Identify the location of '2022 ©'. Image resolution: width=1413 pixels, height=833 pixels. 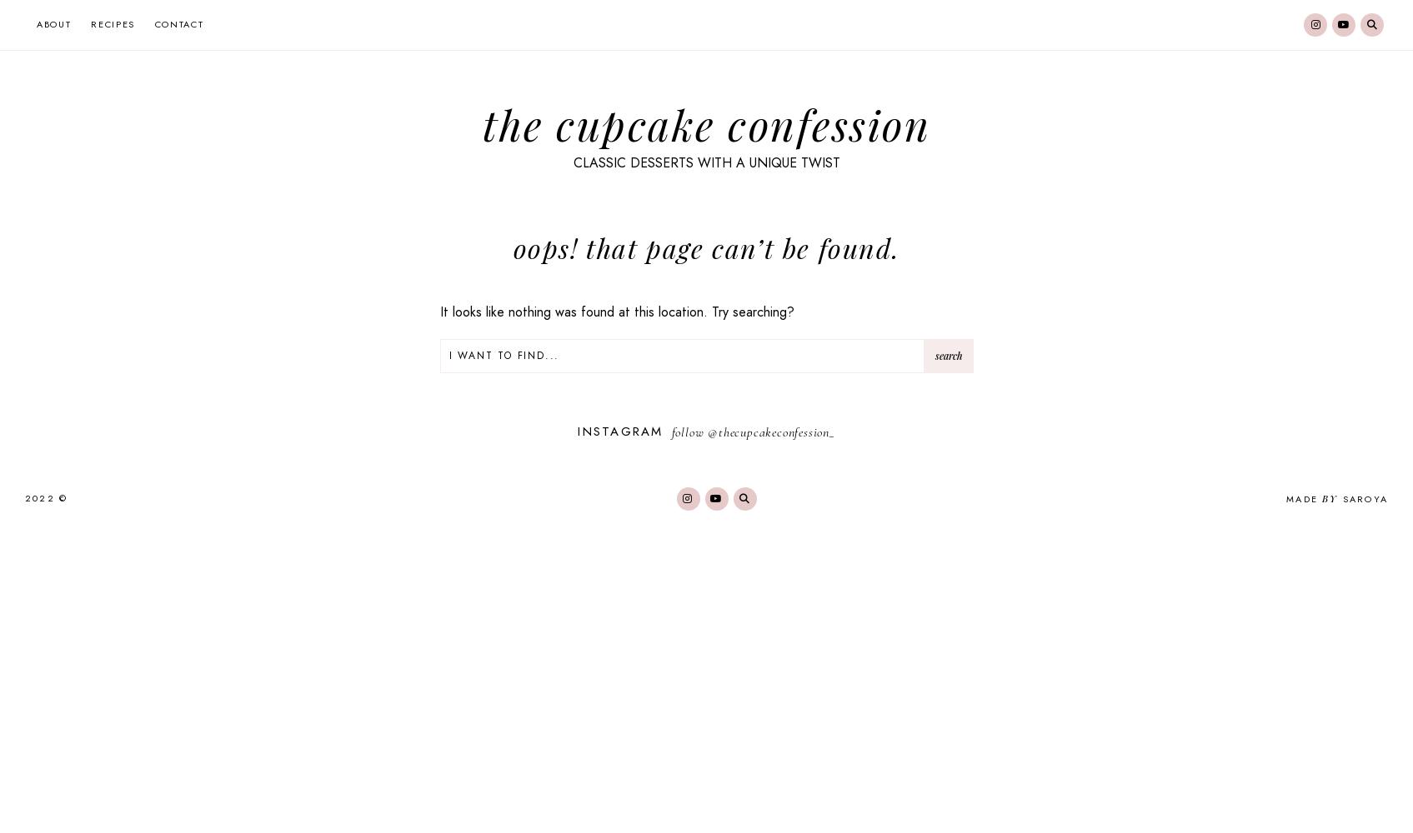
(46, 497).